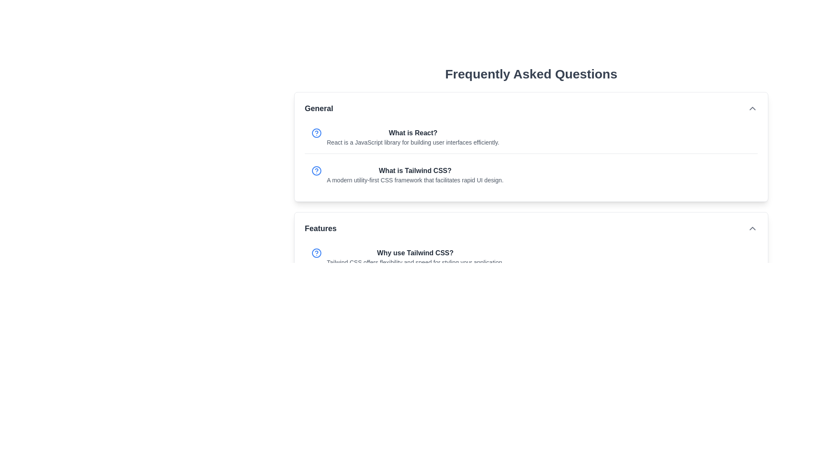  I want to click on the circular icon with a question mark symbol, which is styled with a blue outline and white background, located to the left of the 'What is React?' text in the 'General' section of the FAQ interface, so click(316, 133).